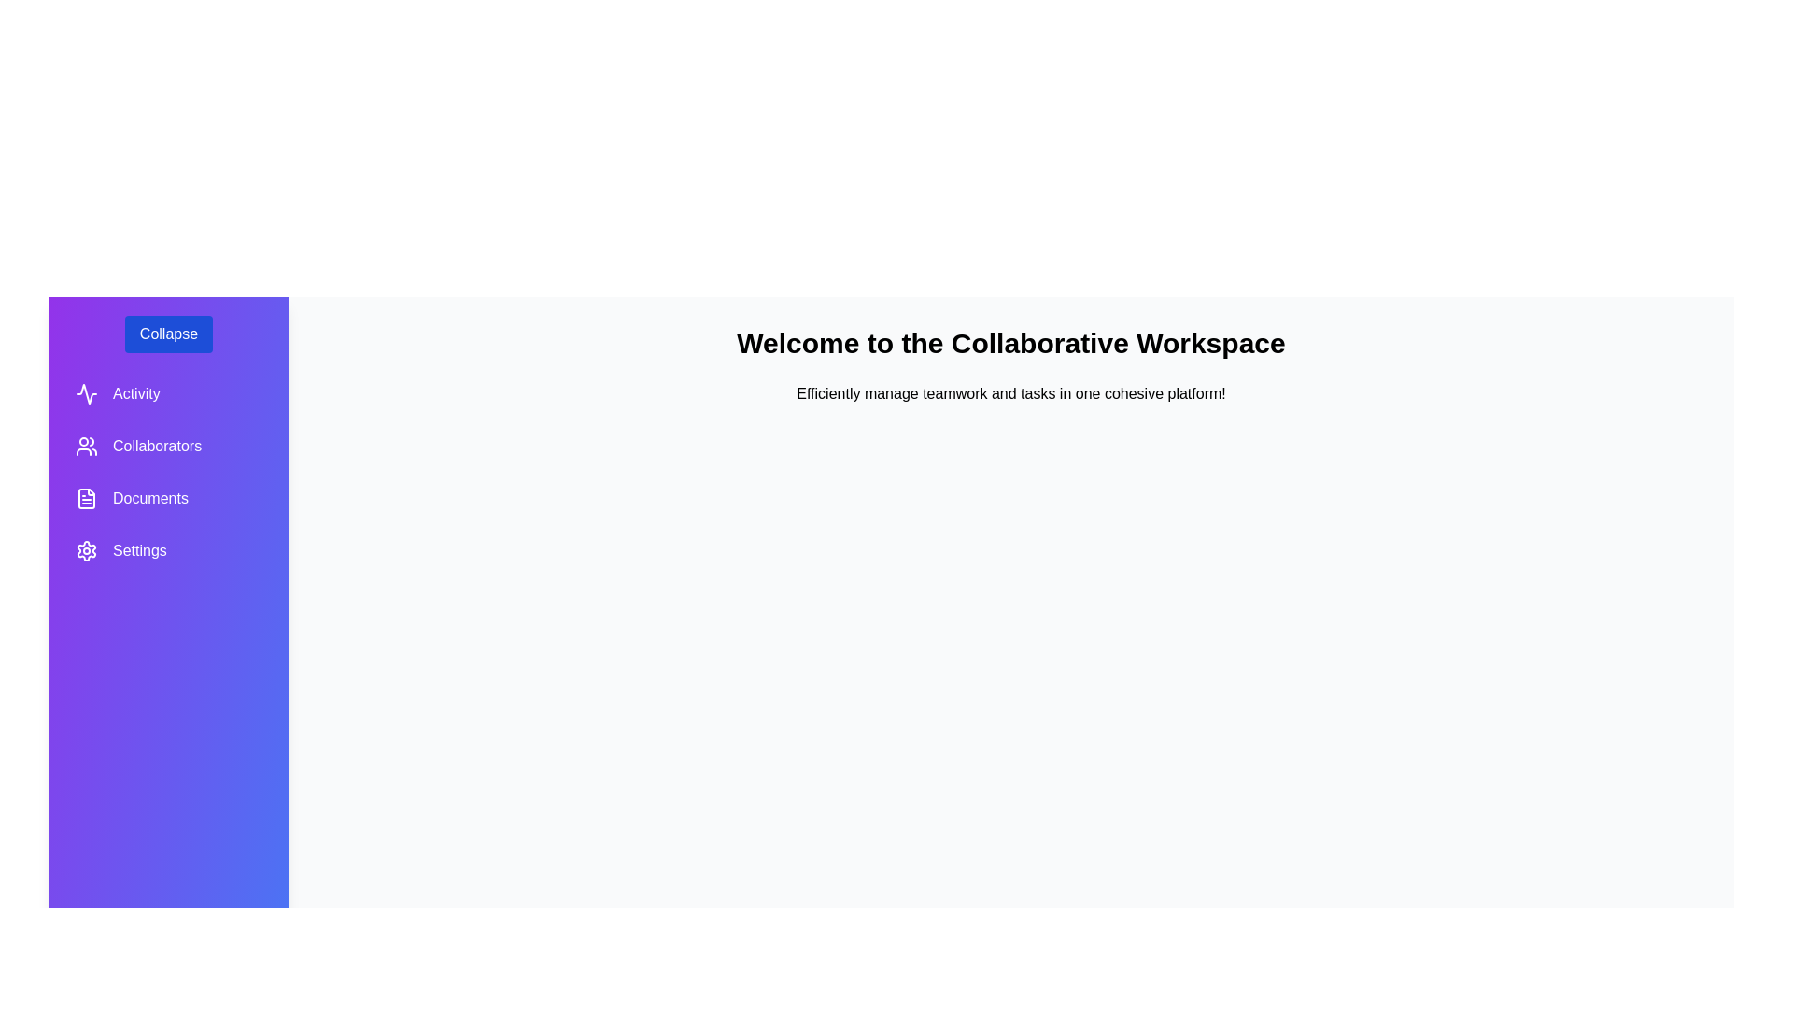 Image resolution: width=1793 pixels, height=1009 pixels. I want to click on the Activity section in the sidebar to navigate to it, so click(169, 392).